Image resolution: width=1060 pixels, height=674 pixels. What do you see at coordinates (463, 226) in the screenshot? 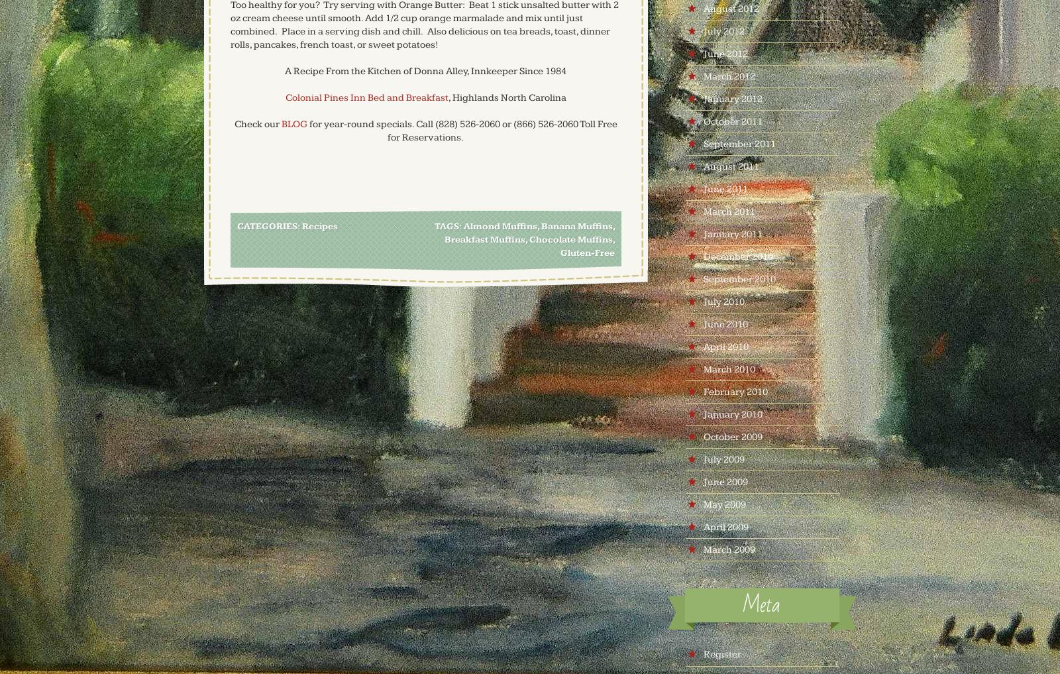
I see `'Almond Muffins'` at bounding box center [463, 226].